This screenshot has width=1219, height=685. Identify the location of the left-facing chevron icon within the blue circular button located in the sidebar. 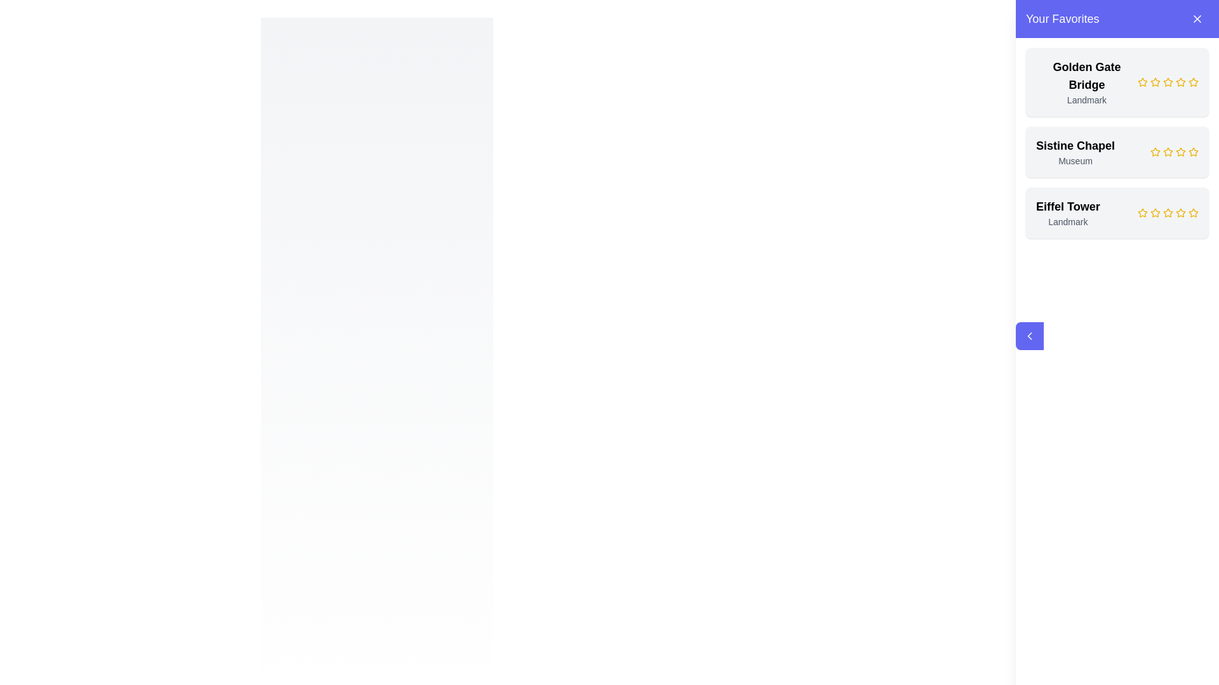
(1030, 335).